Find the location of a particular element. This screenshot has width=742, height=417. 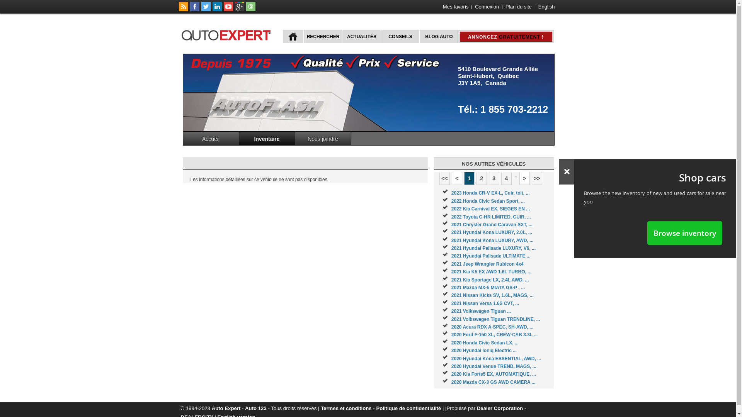

'2020 Kia Forte5 EX, AUTOMATIQUE, ...' is located at coordinates (493, 373).